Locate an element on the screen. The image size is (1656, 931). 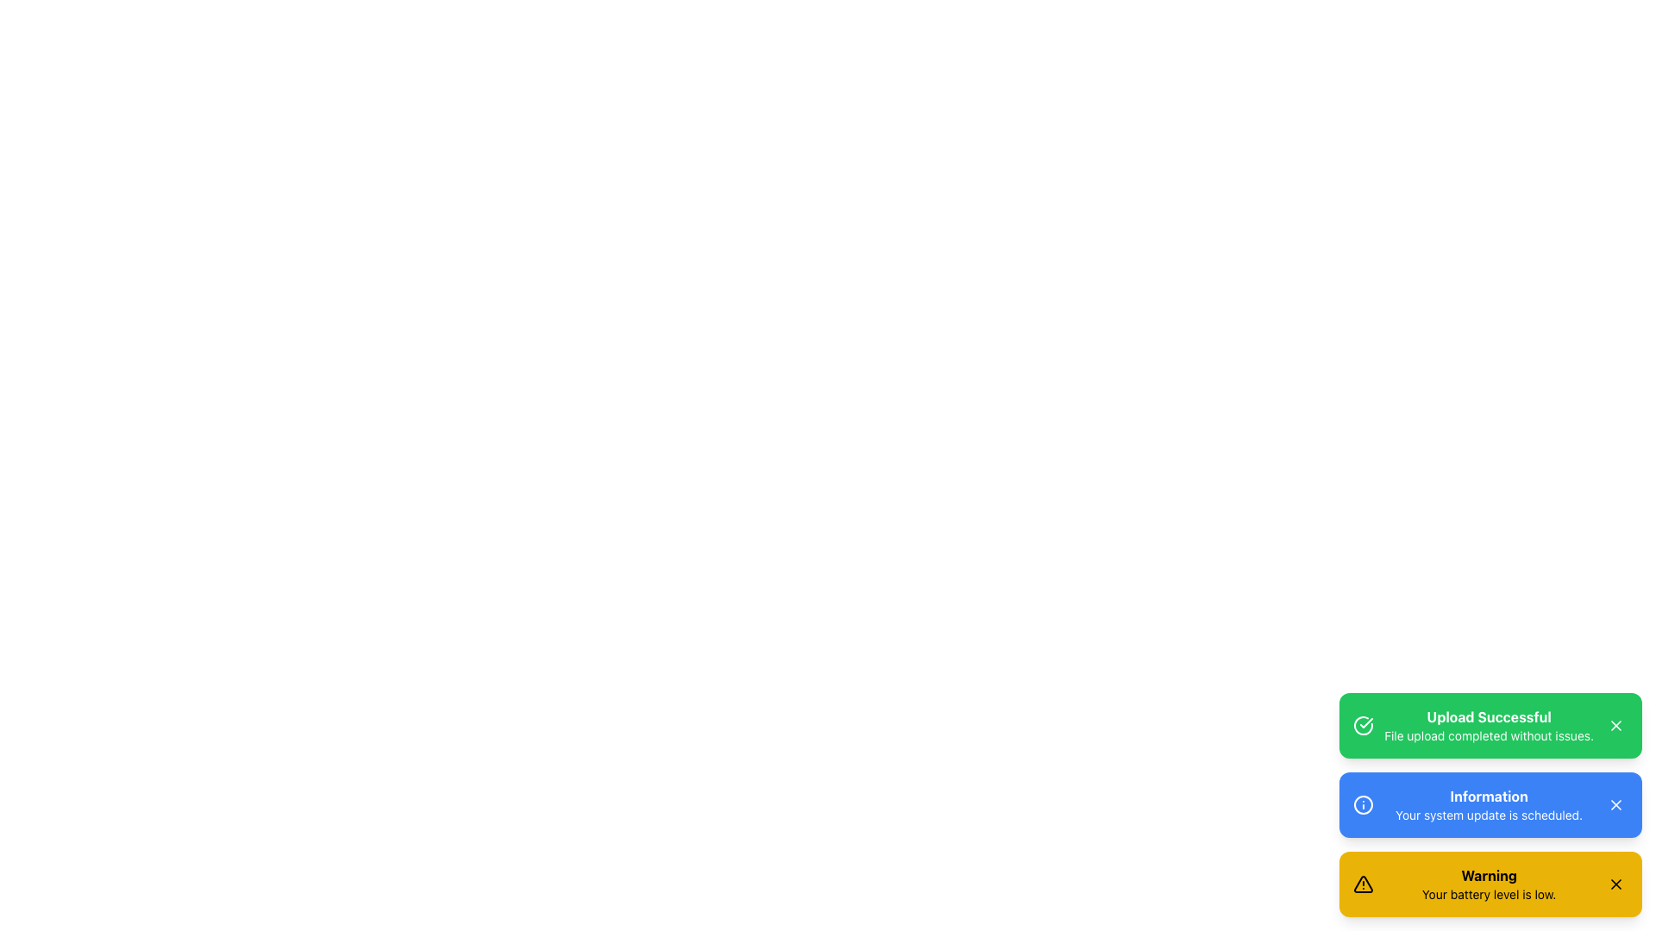
the outlined SVG Circle Element within the 'Information' icon on the blue notification card is located at coordinates (1363, 804).